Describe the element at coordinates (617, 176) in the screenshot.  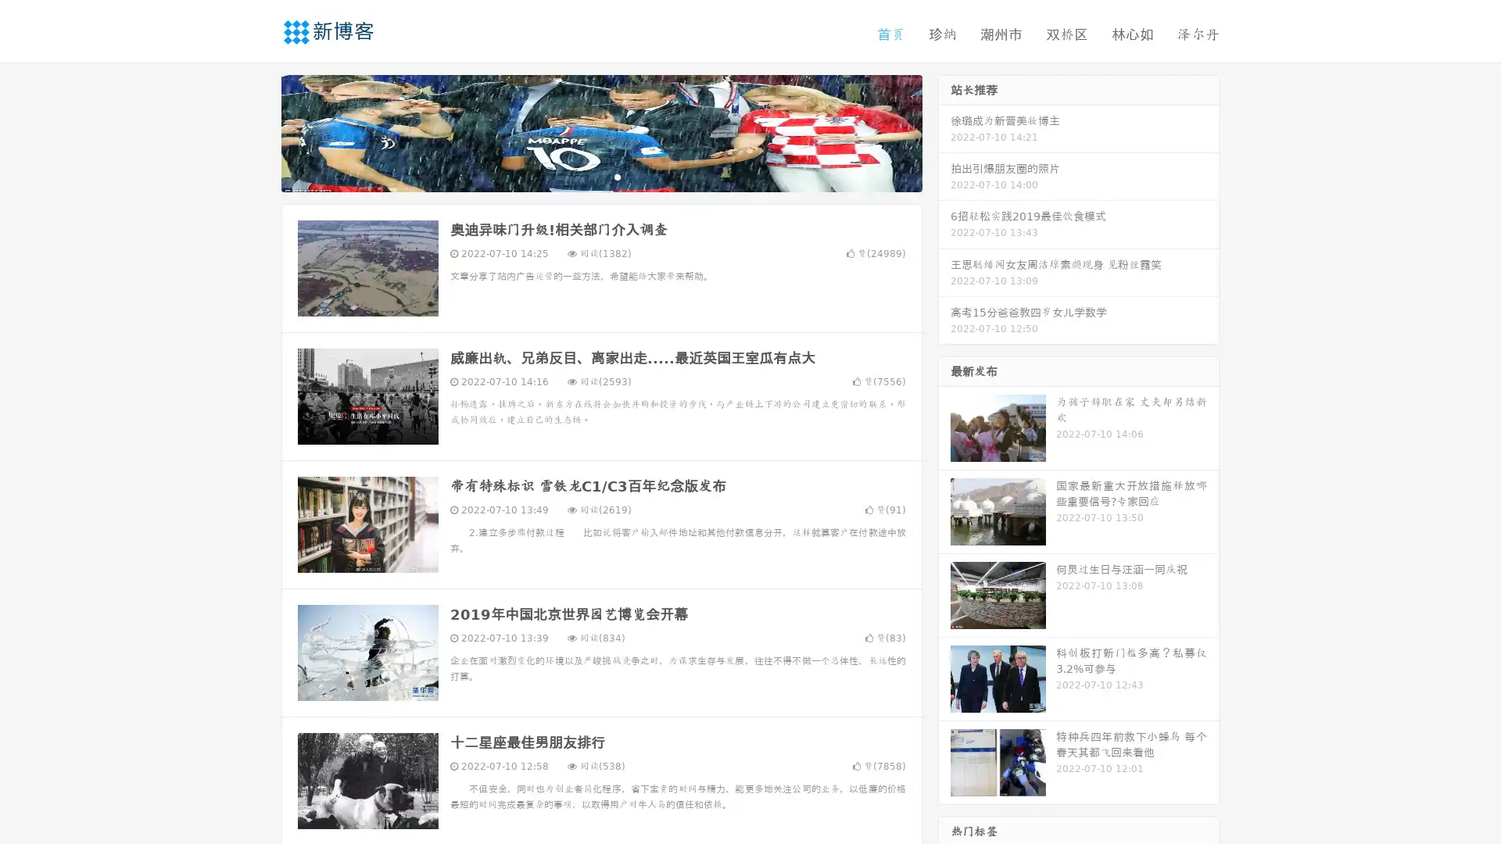
I see `Go to slide 3` at that location.